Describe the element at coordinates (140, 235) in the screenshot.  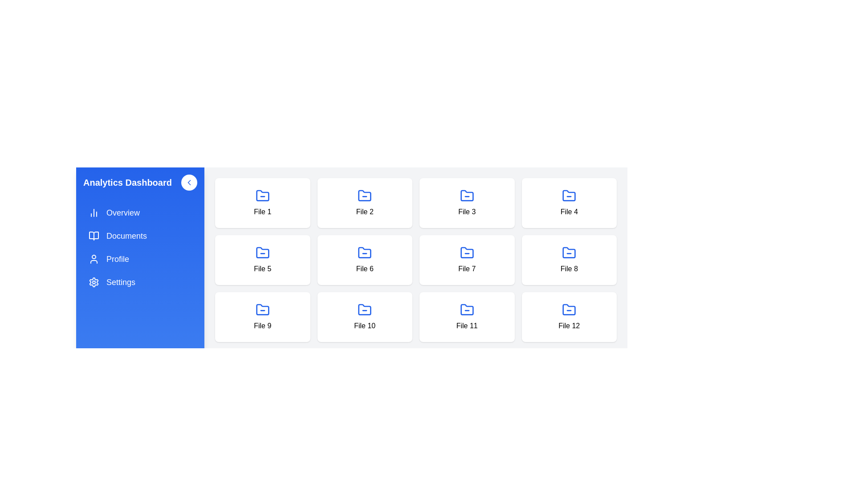
I see `the sidebar item Documents to observe interaction feedback` at that location.